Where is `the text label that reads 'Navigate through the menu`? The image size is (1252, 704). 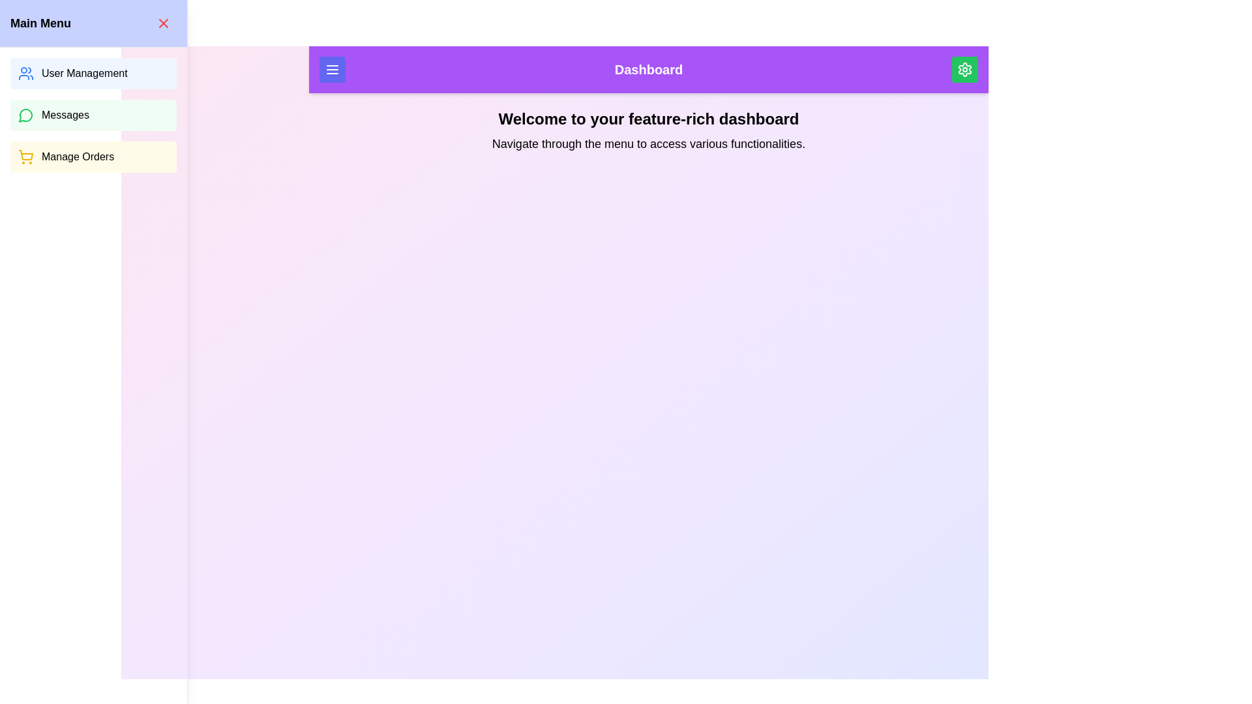
the text label that reads 'Navigate through the menu is located at coordinates (648, 143).